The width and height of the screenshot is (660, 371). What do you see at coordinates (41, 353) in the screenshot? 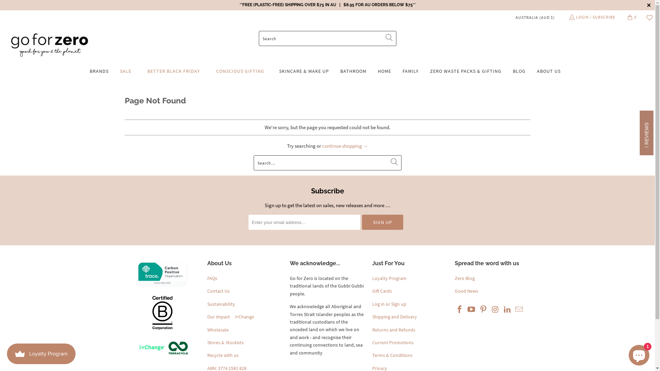
I see `'Smile.io Rewards Program Launcher'` at bounding box center [41, 353].